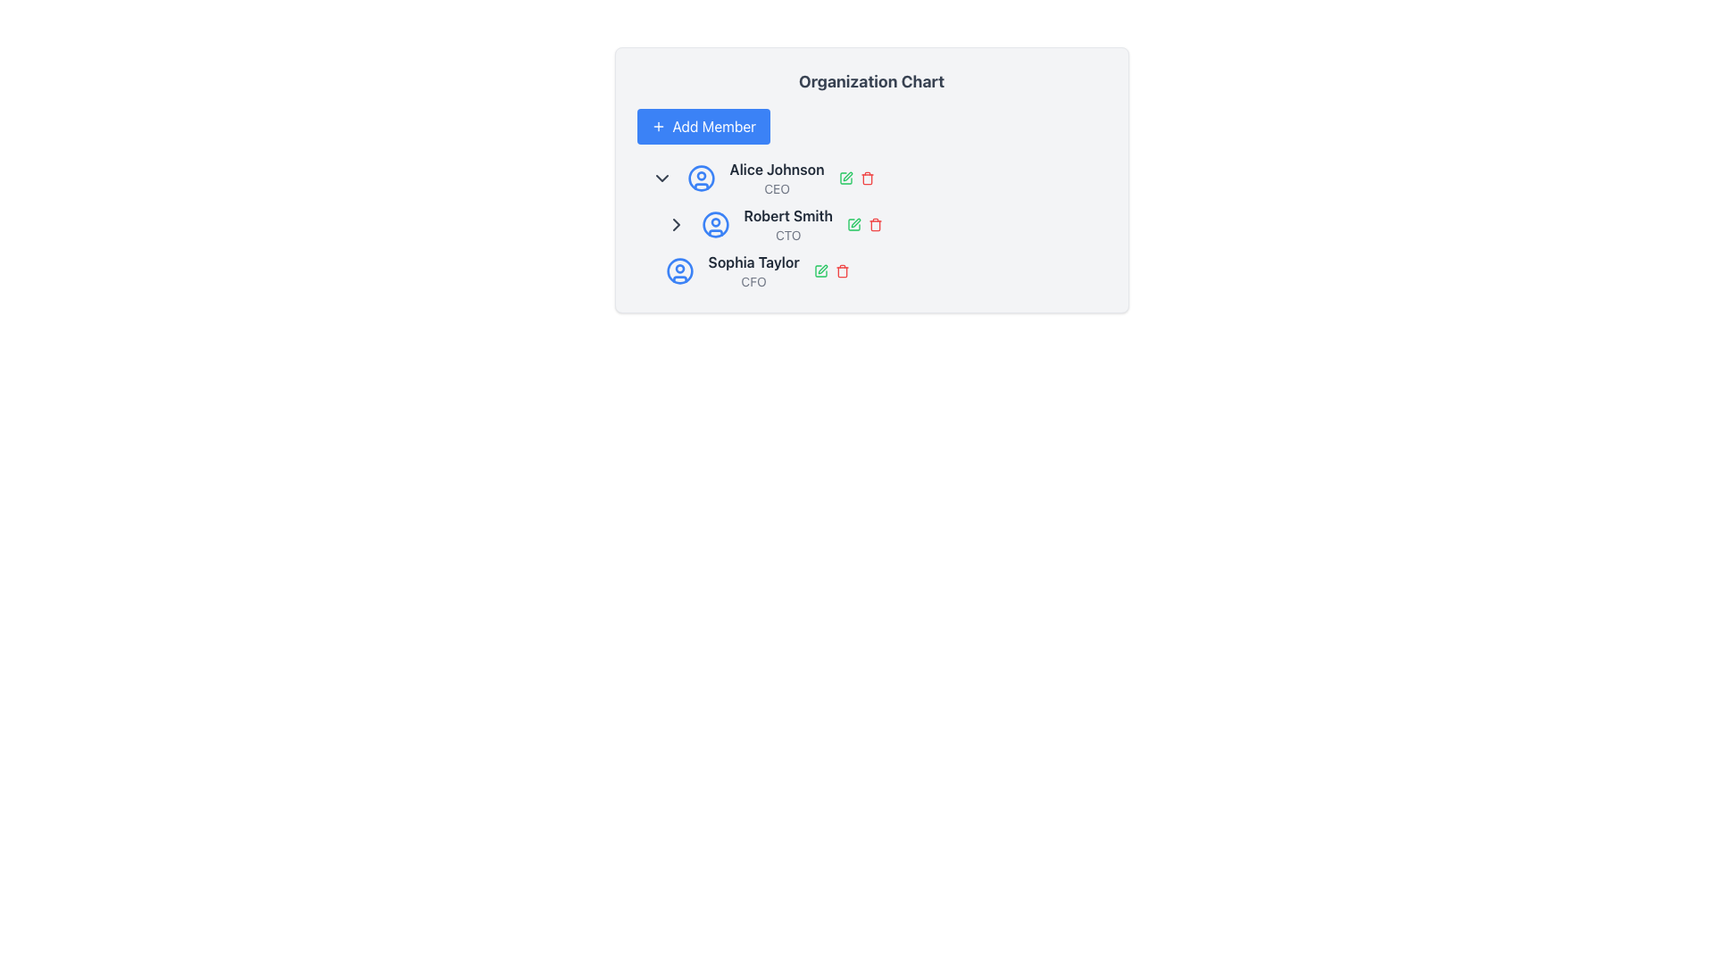 The image size is (1714, 964). I want to click on the Static Text Label displaying the name 'Robert Smith', which is located centrally in the organization chart, positioned below 'Alice Johnson' and above 'Sophia Taylor', so click(787, 215).